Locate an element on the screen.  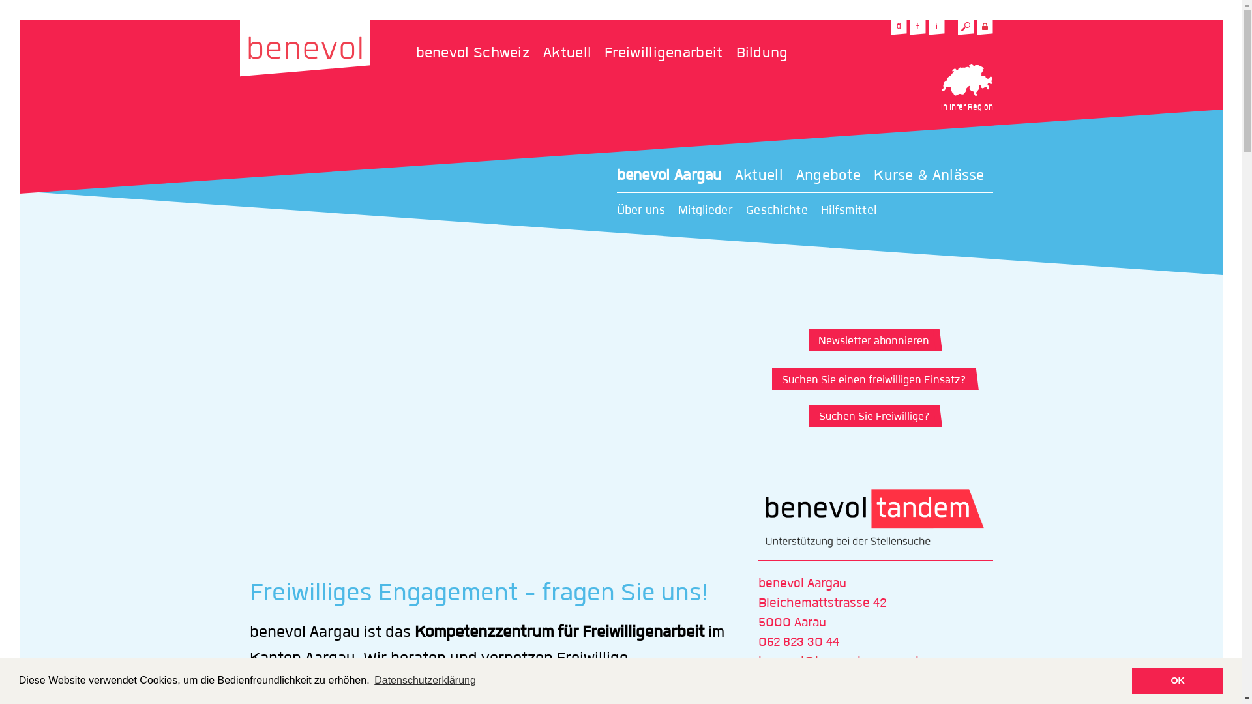
'OK' is located at coordinates (1131, 680).